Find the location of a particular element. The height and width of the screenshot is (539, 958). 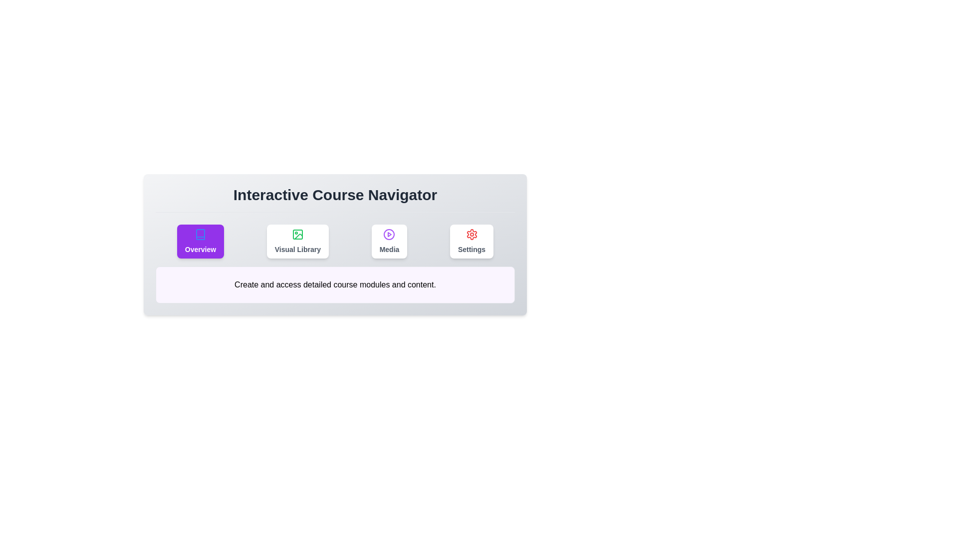

the tab labeled Visual Library is located at coordinates (297, 241).